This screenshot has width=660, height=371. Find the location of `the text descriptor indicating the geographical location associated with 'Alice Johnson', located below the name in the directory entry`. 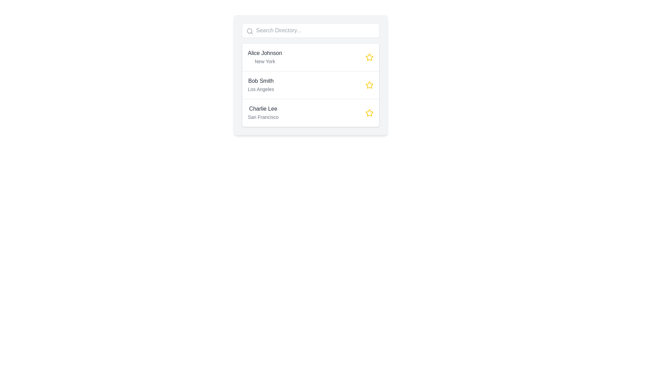

the text descriptor indicating the geographical location associated with 'Alice Johnson', located below the name in the directory entry is located at coordinates (264, 61).